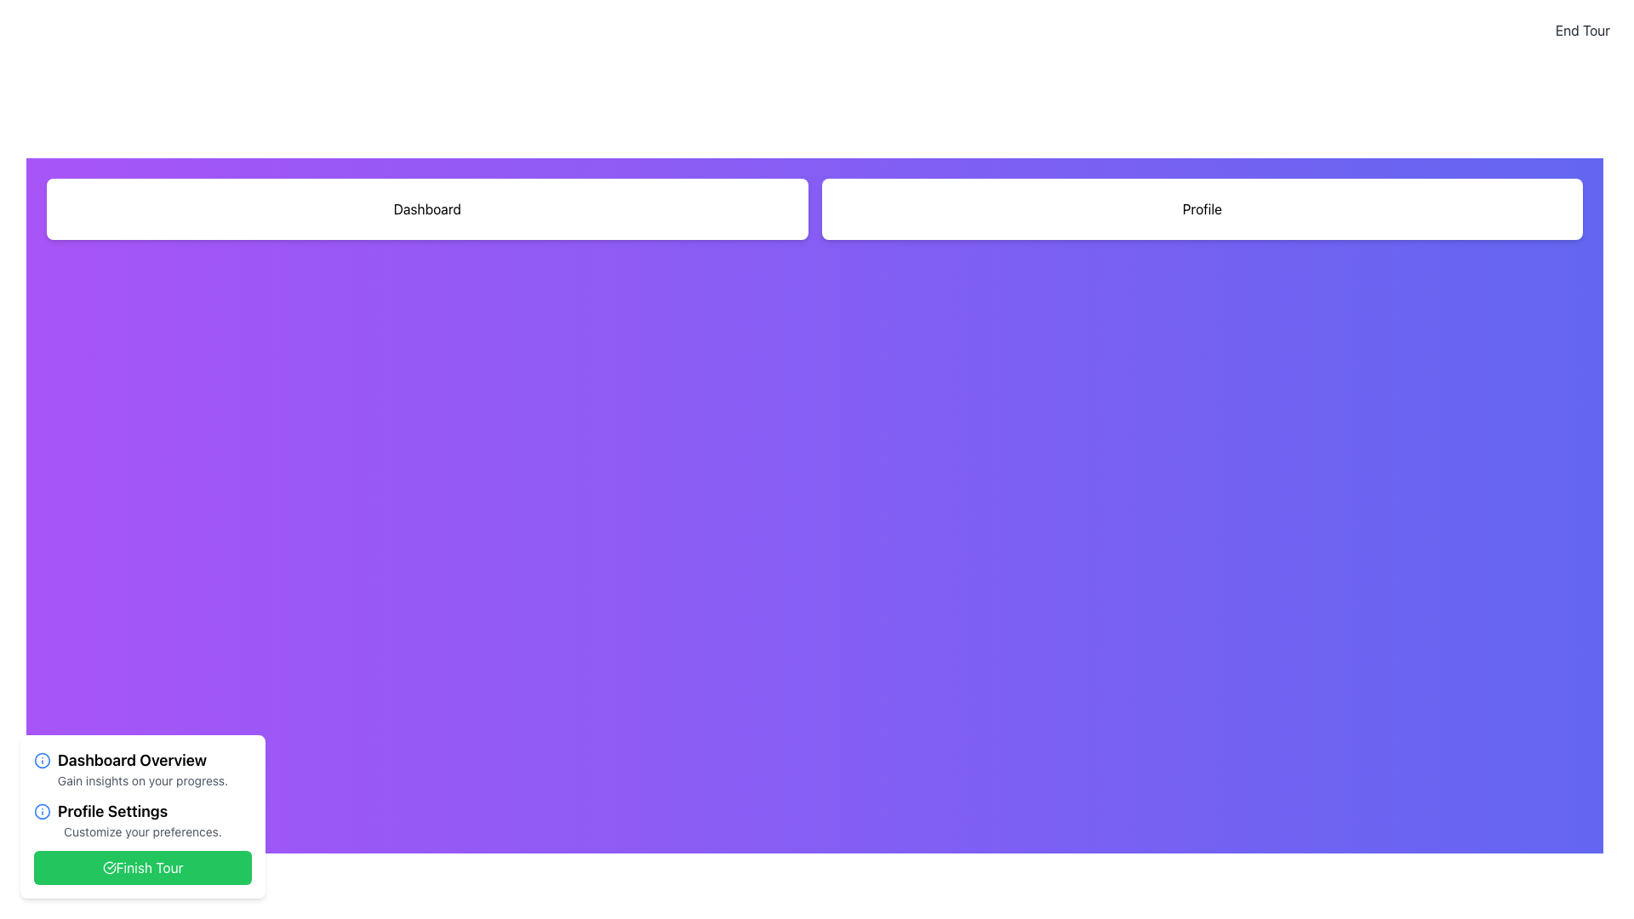 Image resolution: width=1634 pixels, height=919 pixels. What do you see at coordinates (108, 867) in the screenshot?
I see `the confirmation icon located at the left center of the 'Finish Tour' button, which indicates successful completion` at bounding box center [108, 867].